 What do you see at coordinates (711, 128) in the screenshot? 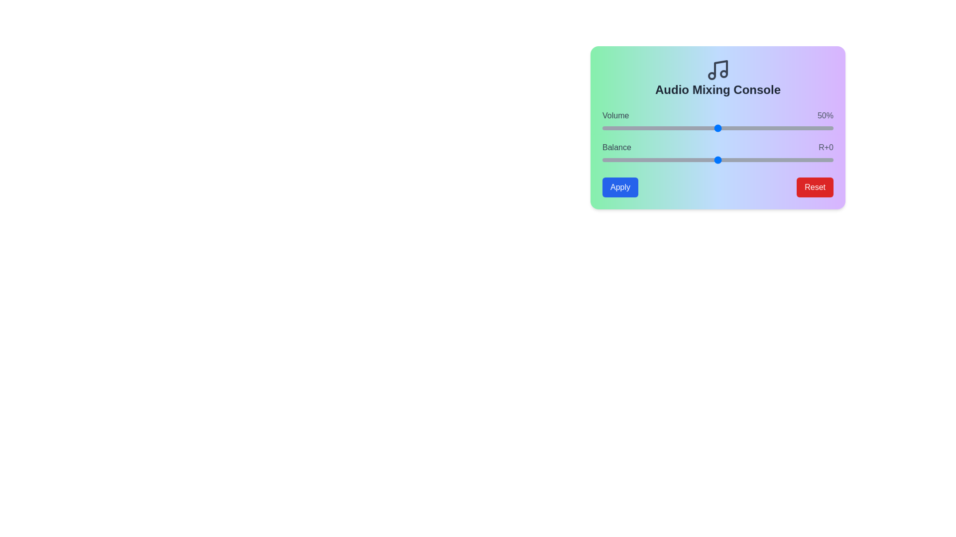
I see `the slider` at bounding box center [711, 128].